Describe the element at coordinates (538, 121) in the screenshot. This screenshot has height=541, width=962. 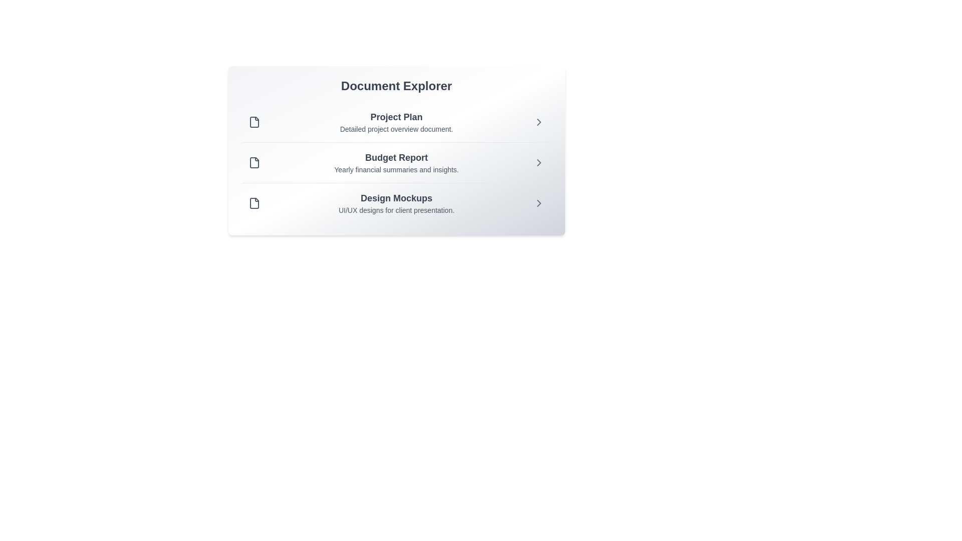
I see `the chevron icon next to the document titled 'Project Plan' to view its details` at that location.